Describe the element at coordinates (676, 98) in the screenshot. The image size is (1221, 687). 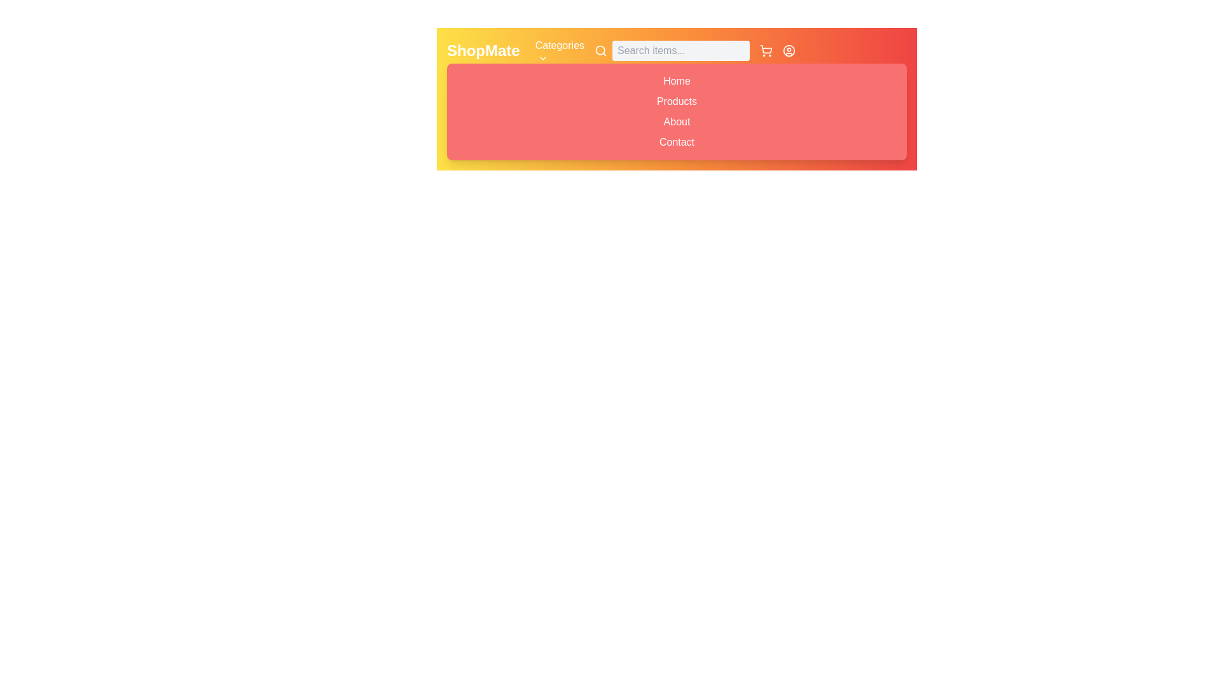
I see `the interactive icons or elements within the Navigation Menu that features a gradient background transitioning from yellow to red, located centrally across the top of the layout` at that location.